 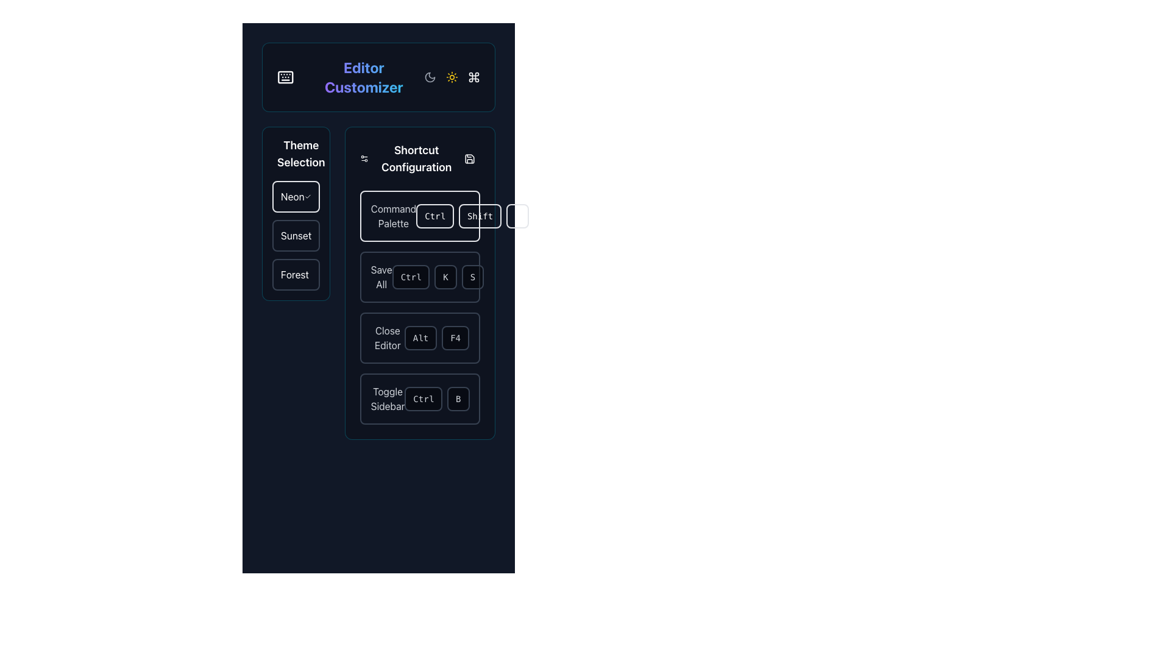 I want to click on the list item labeled 'Neon' with a cyan checkmark icon to confirm the selection of the theme, so click(x=296, y=196).